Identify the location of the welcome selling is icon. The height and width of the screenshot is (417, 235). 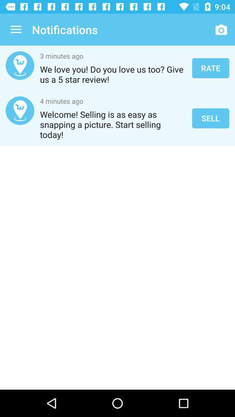
(113, 124).